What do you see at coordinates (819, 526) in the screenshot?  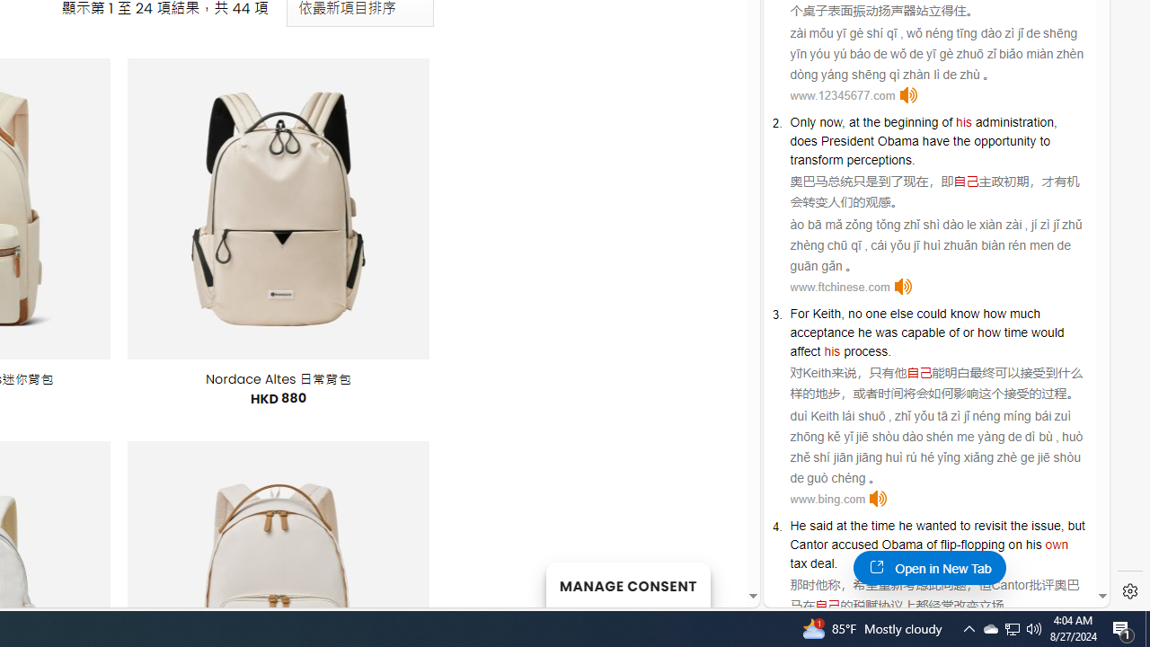 I see `'said'` at bounding box center [819, 526].